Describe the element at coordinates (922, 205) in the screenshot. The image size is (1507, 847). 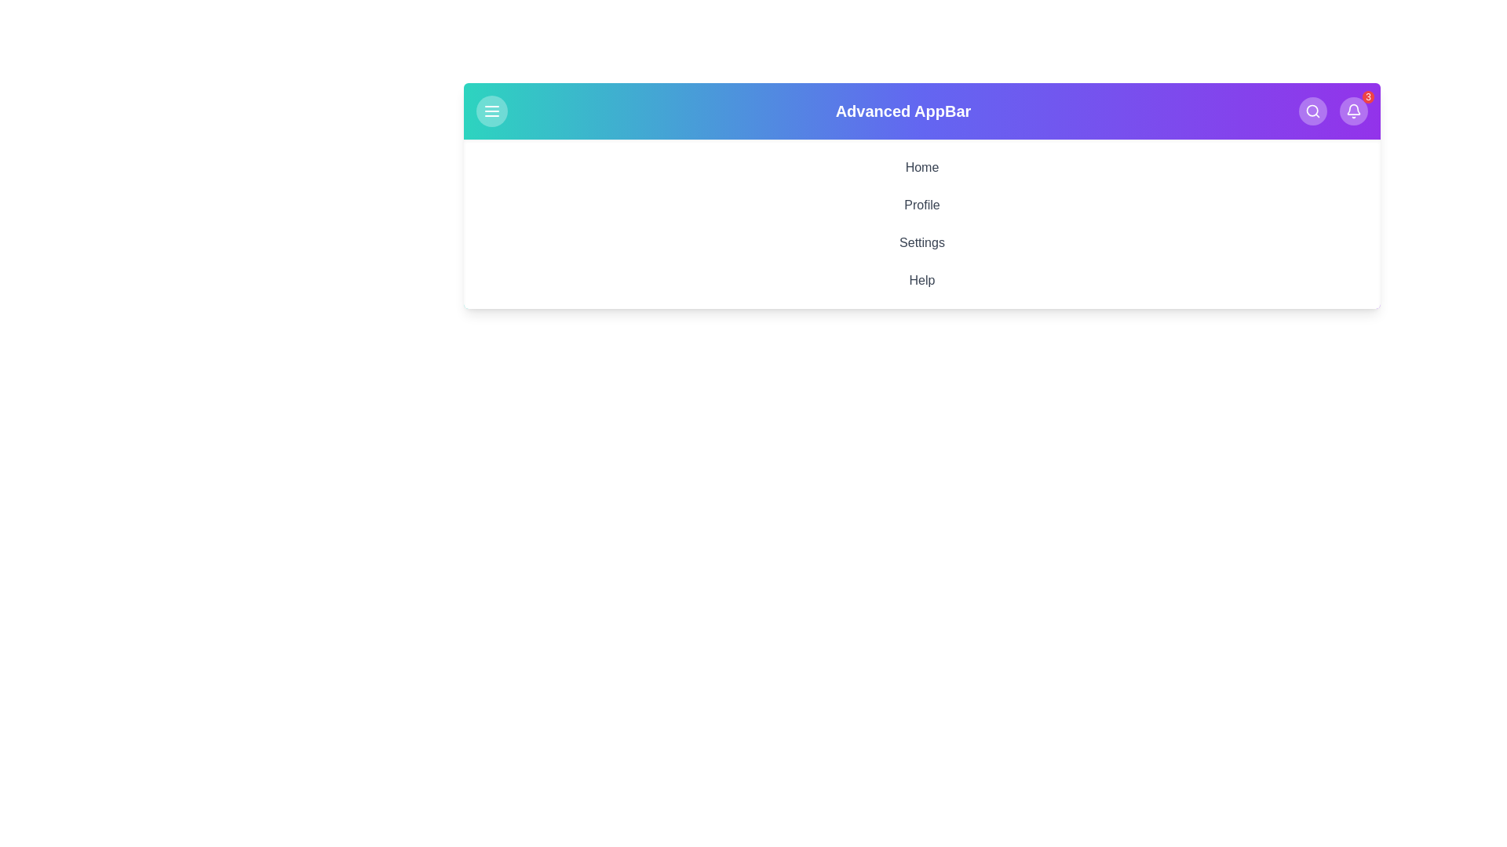
I see `the menu item Profile` at that location.